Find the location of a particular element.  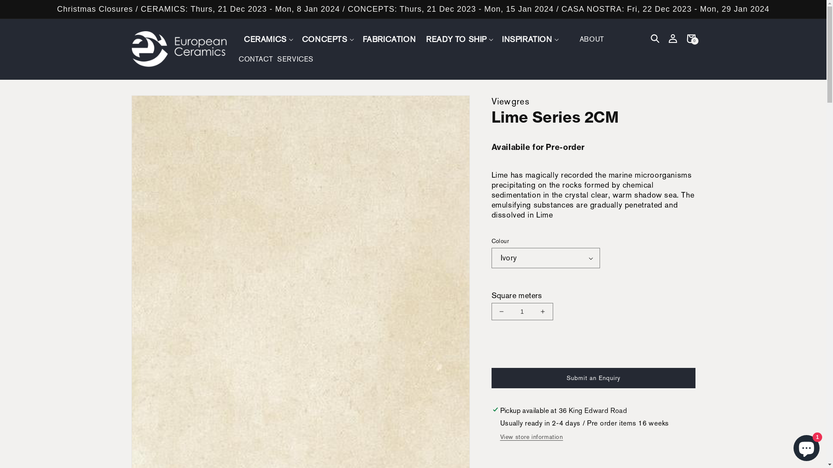

'FABRICATION' is located at coordinates (389, 39).